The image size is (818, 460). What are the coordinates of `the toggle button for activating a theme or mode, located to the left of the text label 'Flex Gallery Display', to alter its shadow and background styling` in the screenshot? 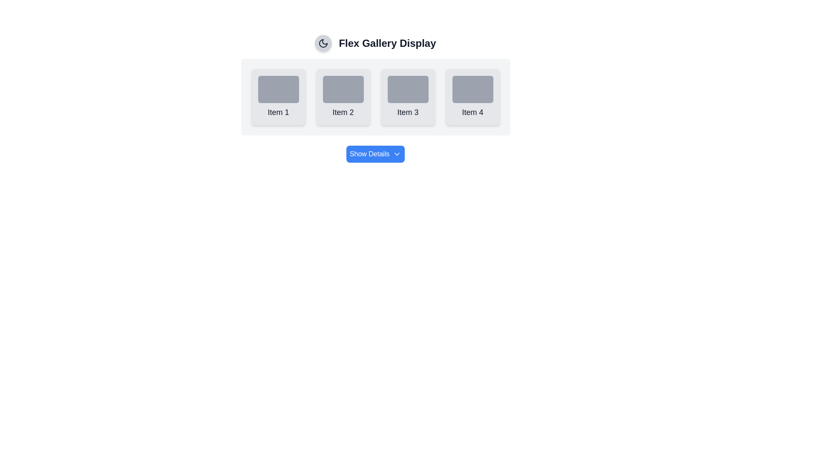 It's located at (323, 43).